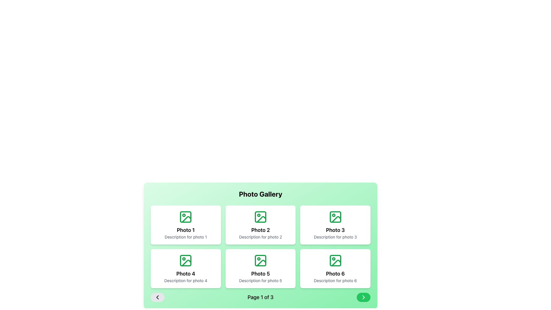  I want to click on the SVG icon with a green border and mountain-like shape located in the 'Photo Gallery' section, above the label 'Photo 4', so click(186, 260).